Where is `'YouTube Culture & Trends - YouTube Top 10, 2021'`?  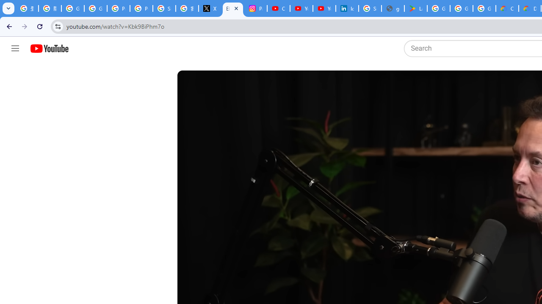
'YouTube Culture & Trends - YouTube Top 10, 2021' is located at coordinates (324, 8).